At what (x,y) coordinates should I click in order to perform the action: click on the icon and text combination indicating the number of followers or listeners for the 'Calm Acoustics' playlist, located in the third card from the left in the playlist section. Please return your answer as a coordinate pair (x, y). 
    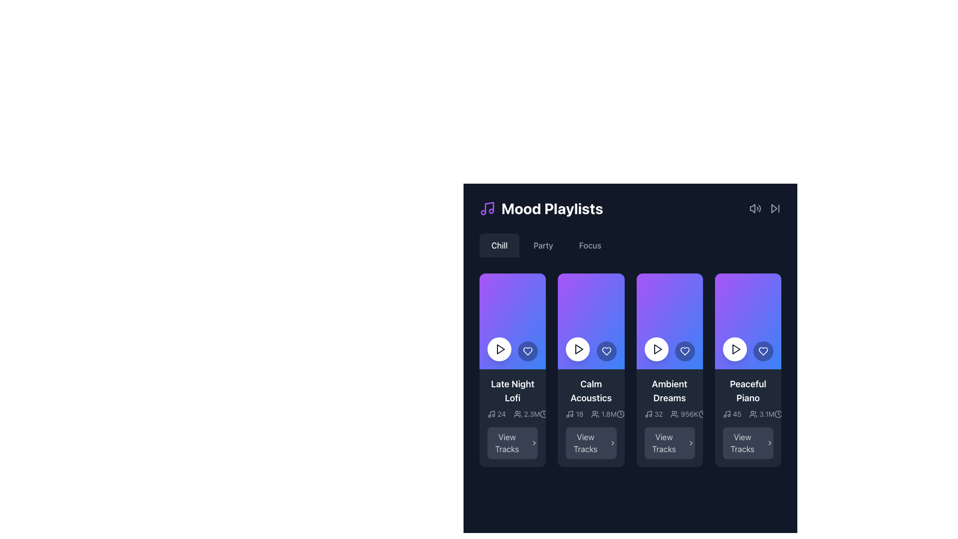
    Looking at the image, I should click on (603, 414).